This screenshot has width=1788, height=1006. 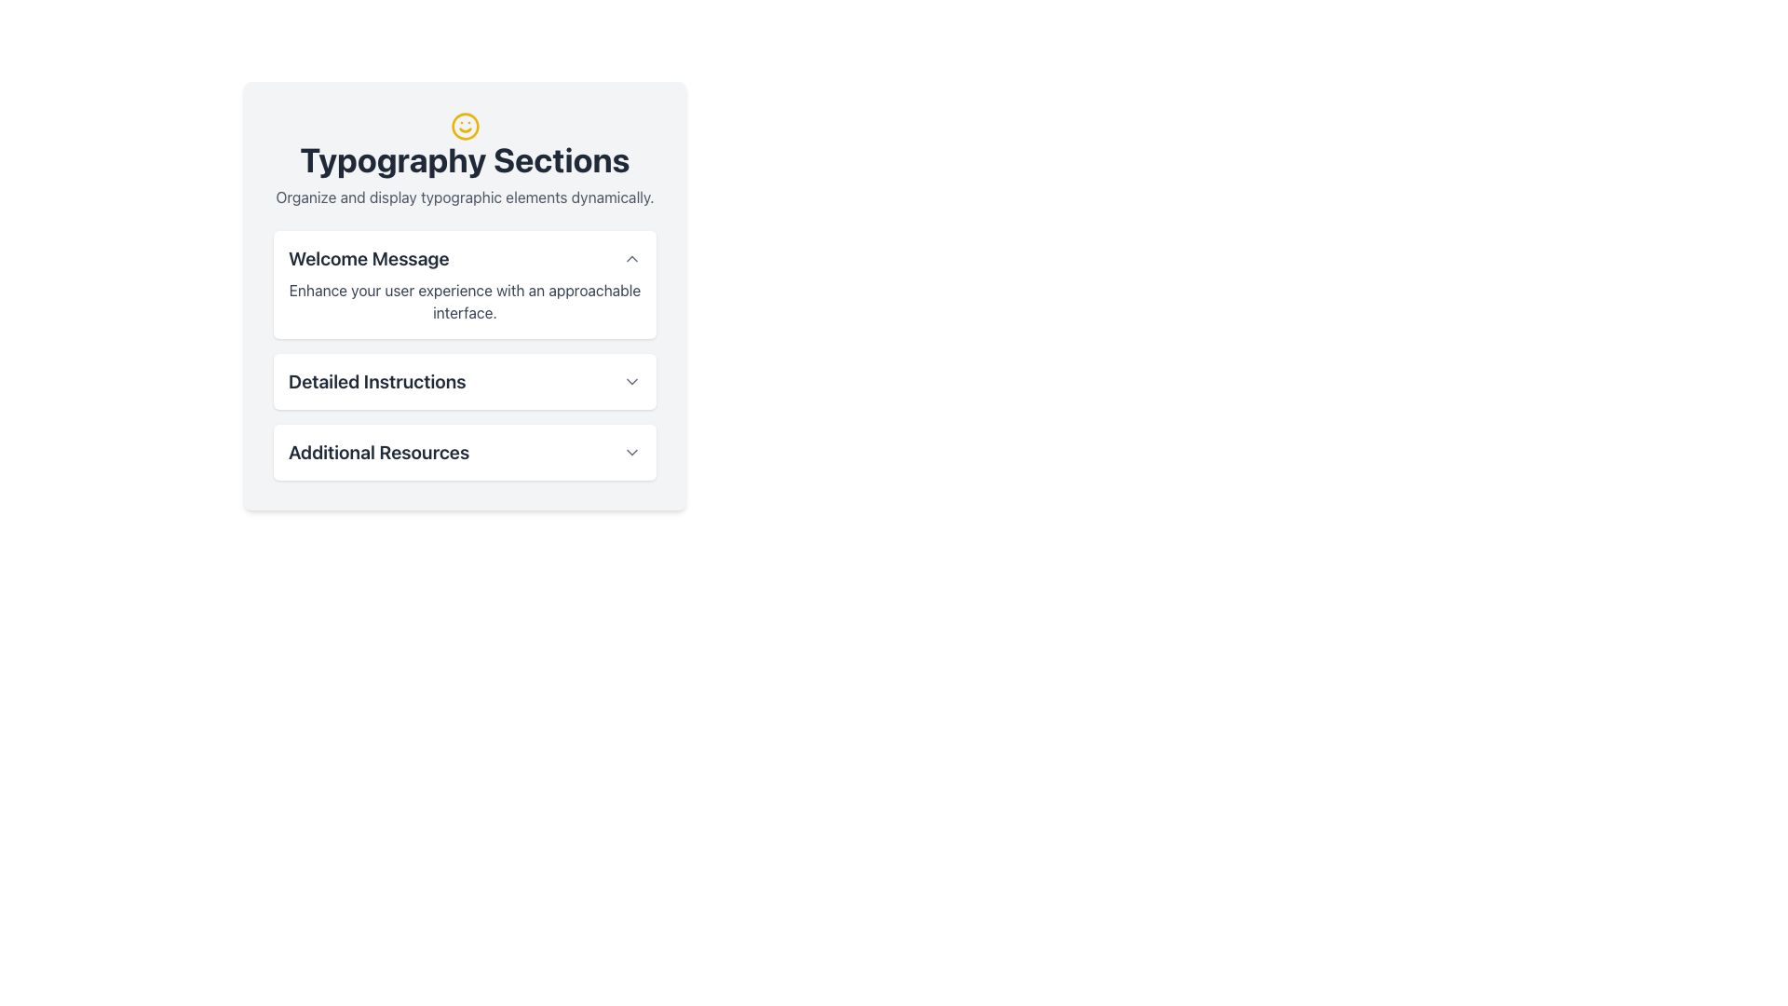 What do you see at coordinates (465, 453) in the screenshot?
I see `the 'Additional Resources' label with embedded dropdown trigger` at bounding box center [465, 453].